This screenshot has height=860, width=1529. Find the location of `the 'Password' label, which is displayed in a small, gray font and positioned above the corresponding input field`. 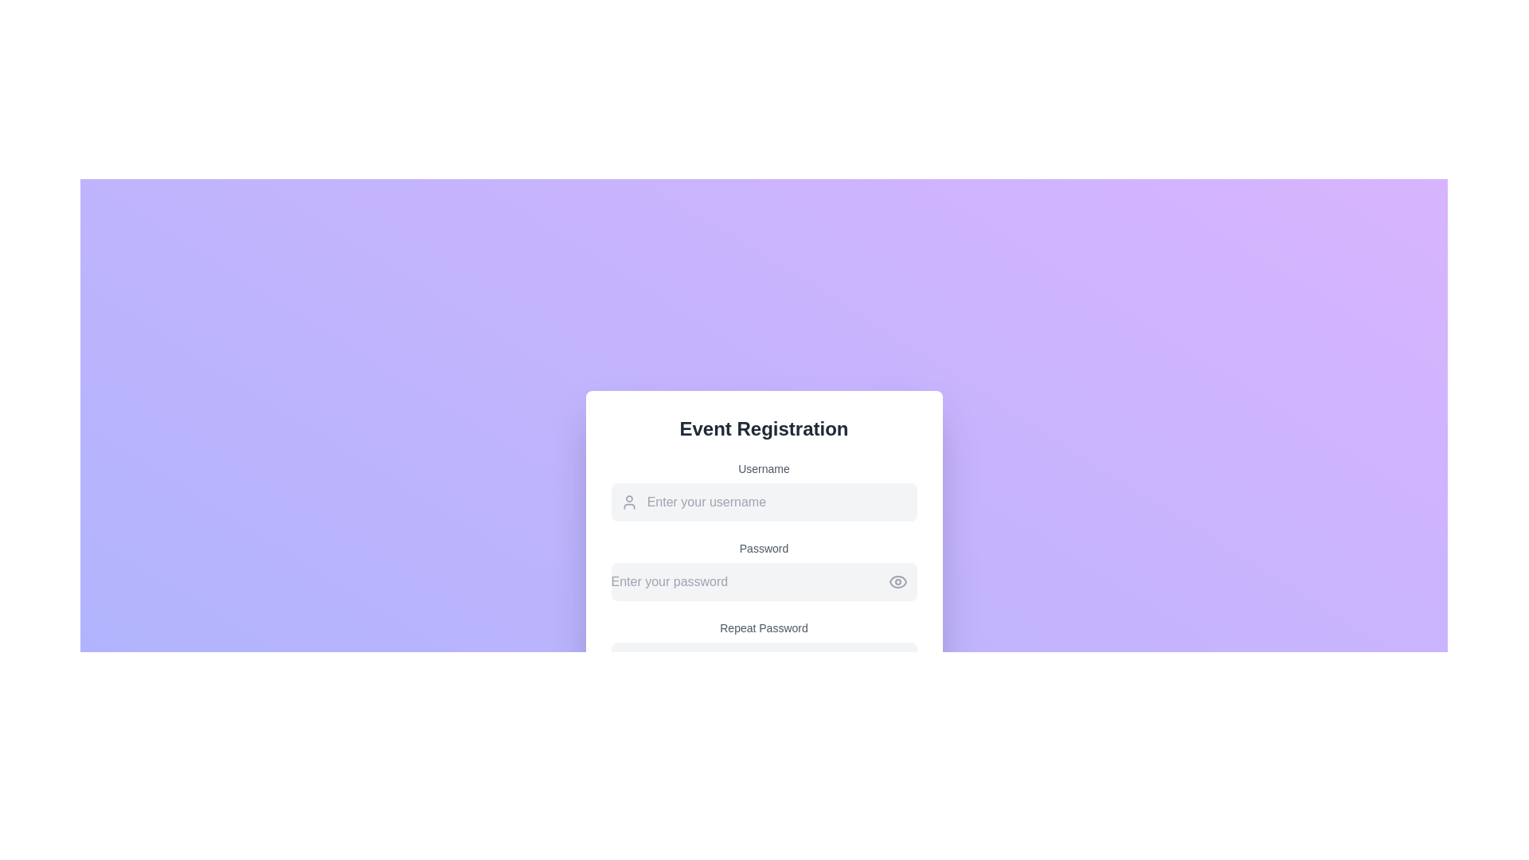

the 'Password' label, which is displayed in a small, gray font and positioned above the corresponding input field is located at coordinates (763, 548).